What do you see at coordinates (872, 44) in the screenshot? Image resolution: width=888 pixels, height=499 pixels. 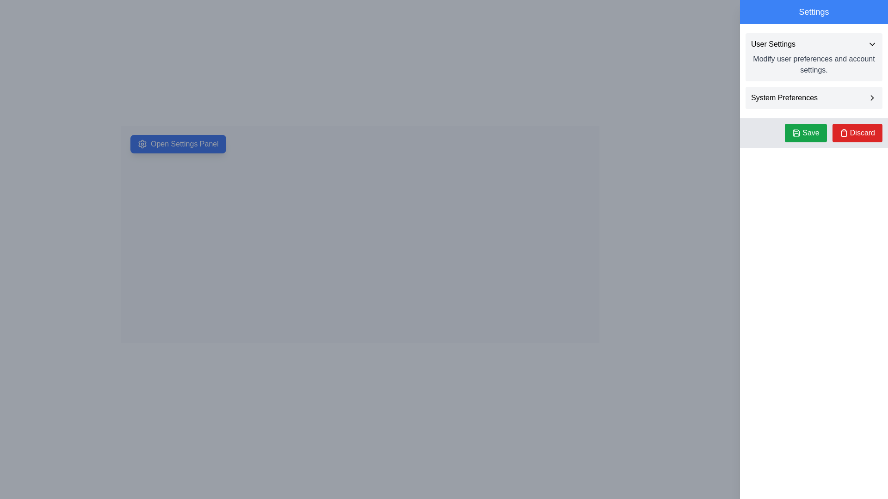 I see `the downward-pointing chevron icon with a black outline located to the right of the 'User Settings' text` at bounding box center [872, 44].